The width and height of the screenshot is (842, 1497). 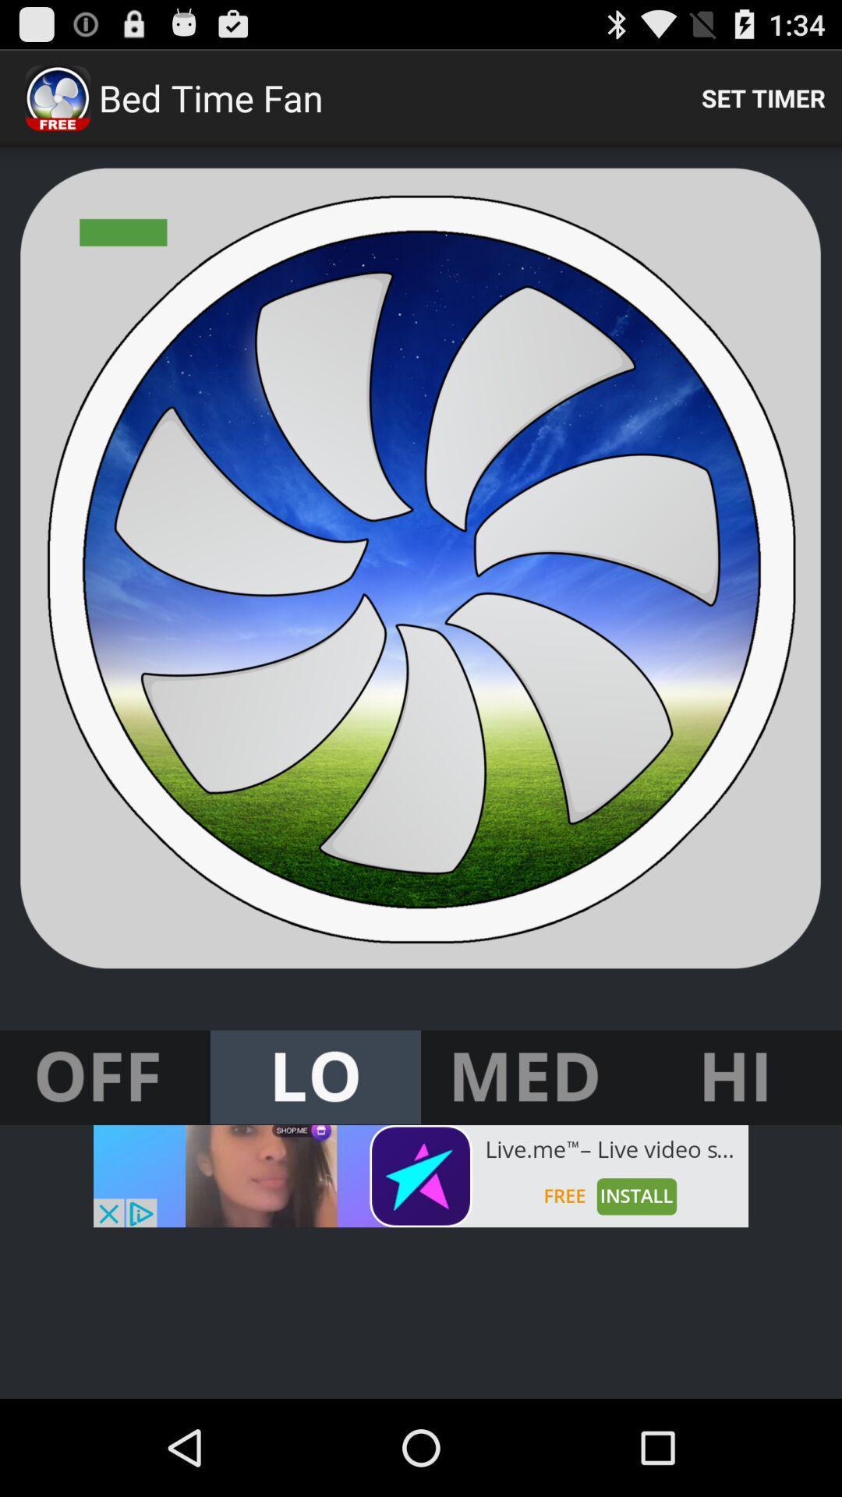 What do you see at coordinates (737, 1077) in the screenshot?
I see `turn to high` at bounding box center [737, 1077].